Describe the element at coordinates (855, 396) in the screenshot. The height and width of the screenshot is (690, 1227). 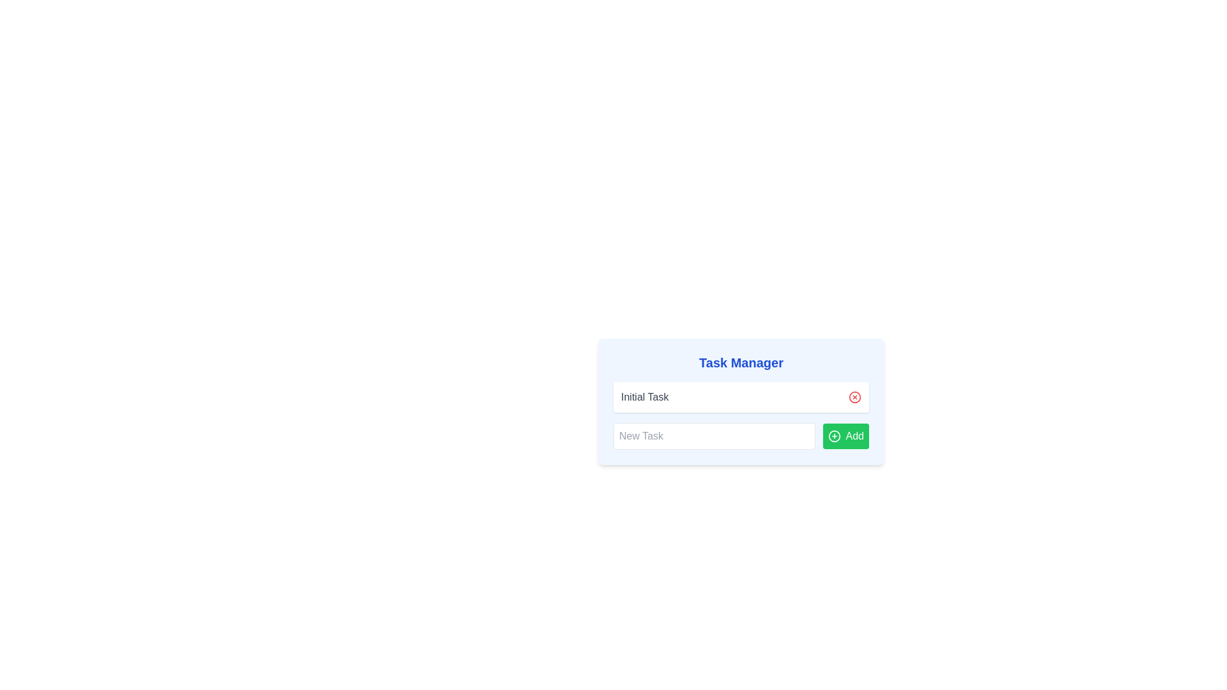
I see `the delete button located to the right of the 'Initial Task' text` at that location.